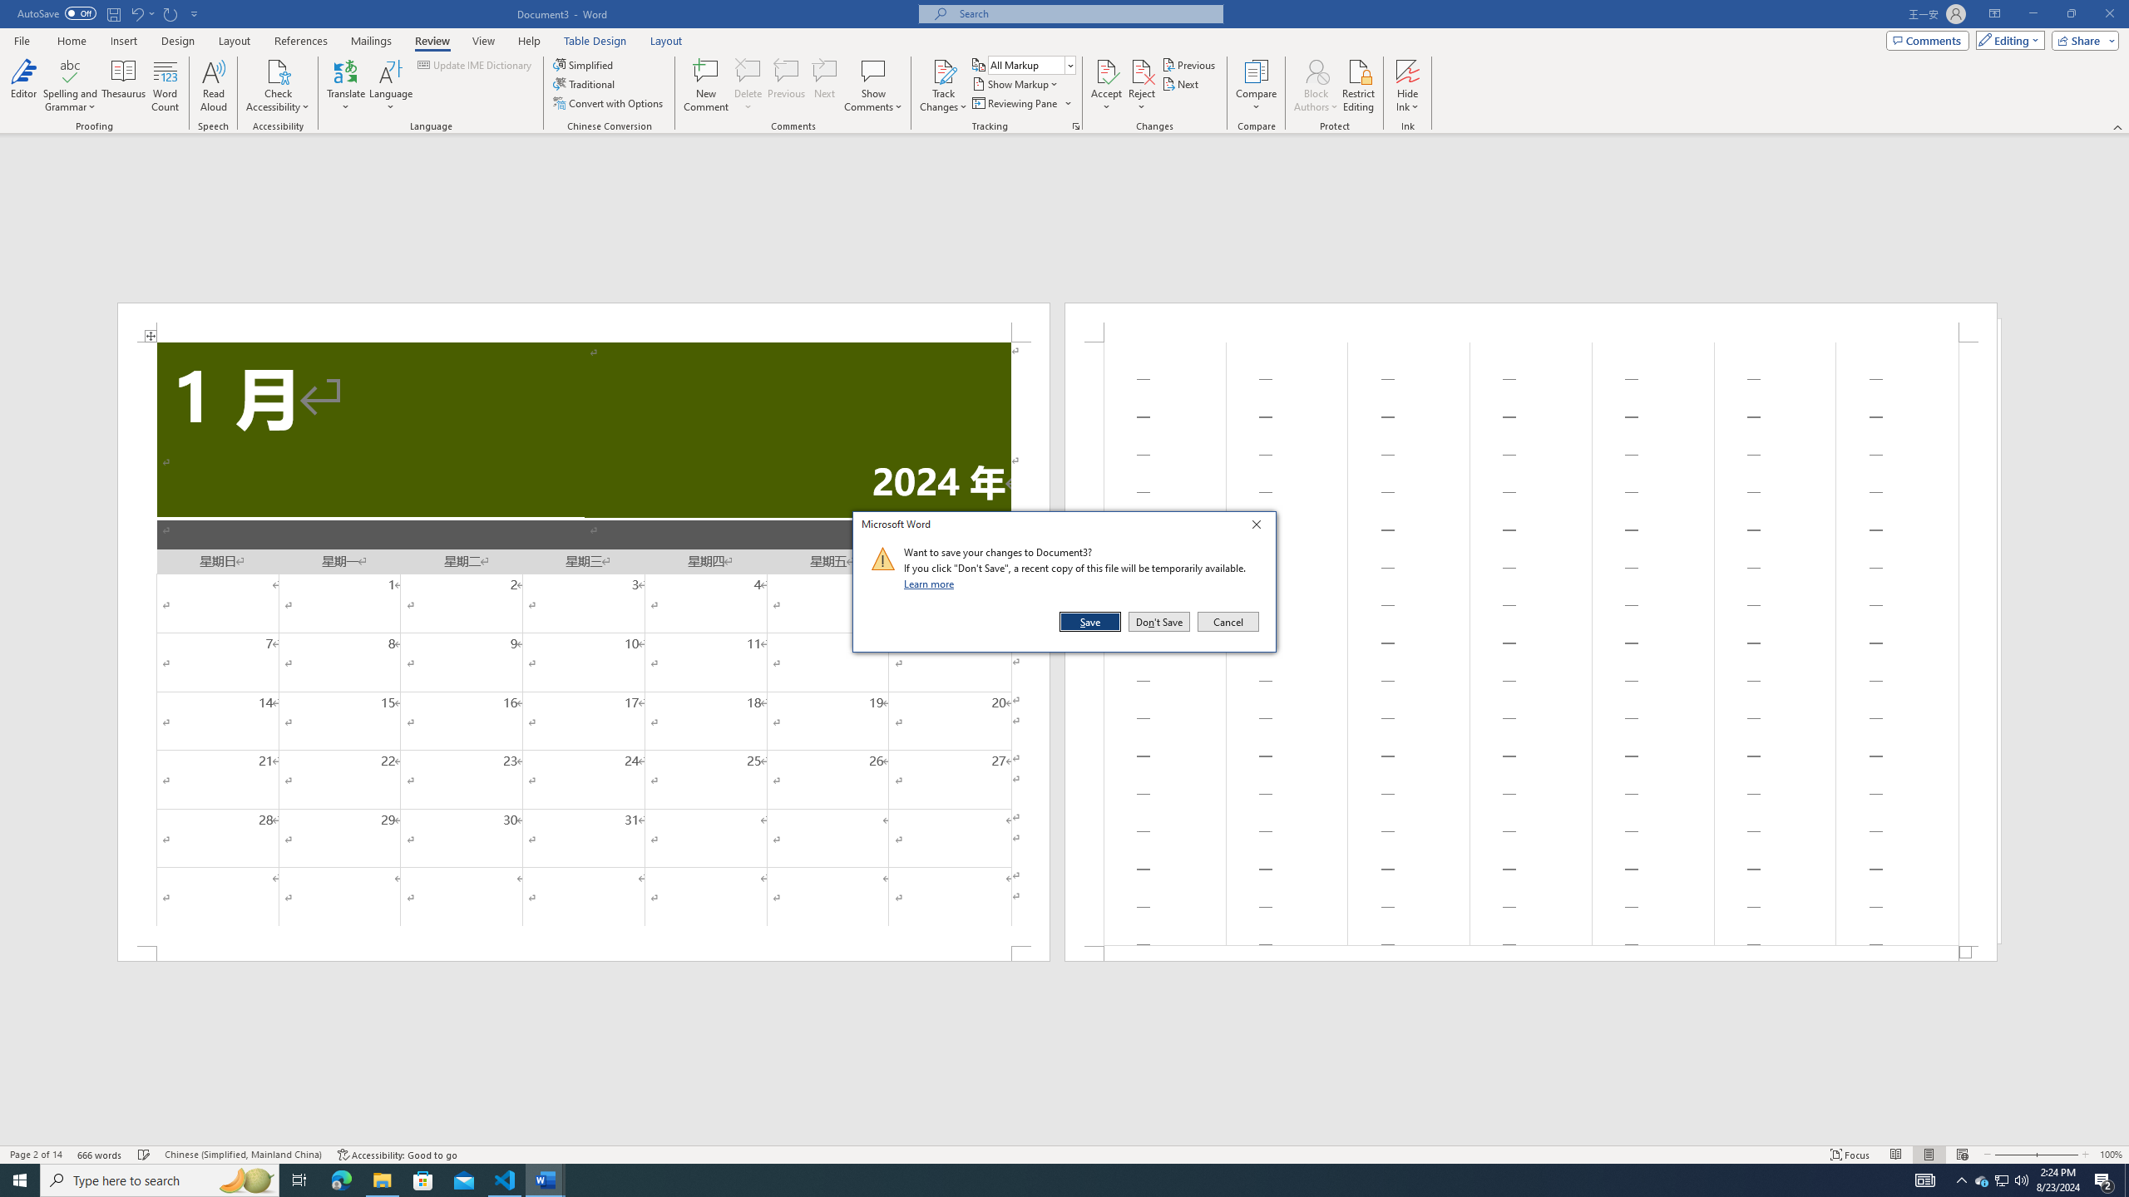 The width and height of the screenshot is (2129, 1197). Describe the element at coordinates (391, 86) in the screenshot. I see `'Language'` at that location.